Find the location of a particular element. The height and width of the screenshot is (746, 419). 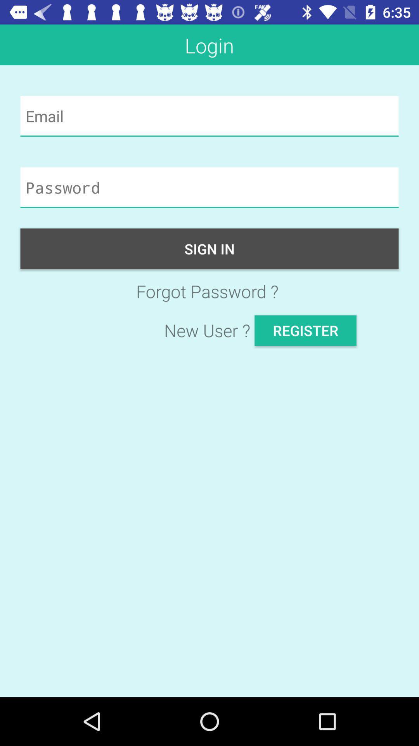

the register is located at coordinates (305, 330).